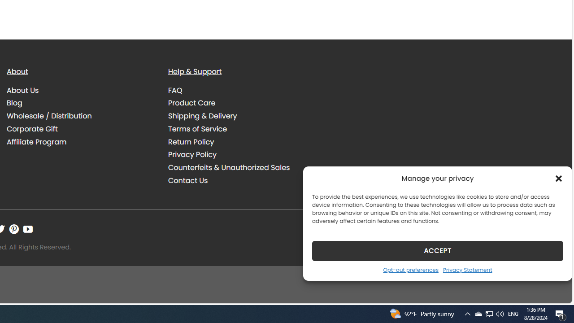 Image resolution: width=574 pixels, height=323 pixels. Describe the element at coordinates (558, 178) in the screenshot. I see `'Class: cmplz-close'` at that location.